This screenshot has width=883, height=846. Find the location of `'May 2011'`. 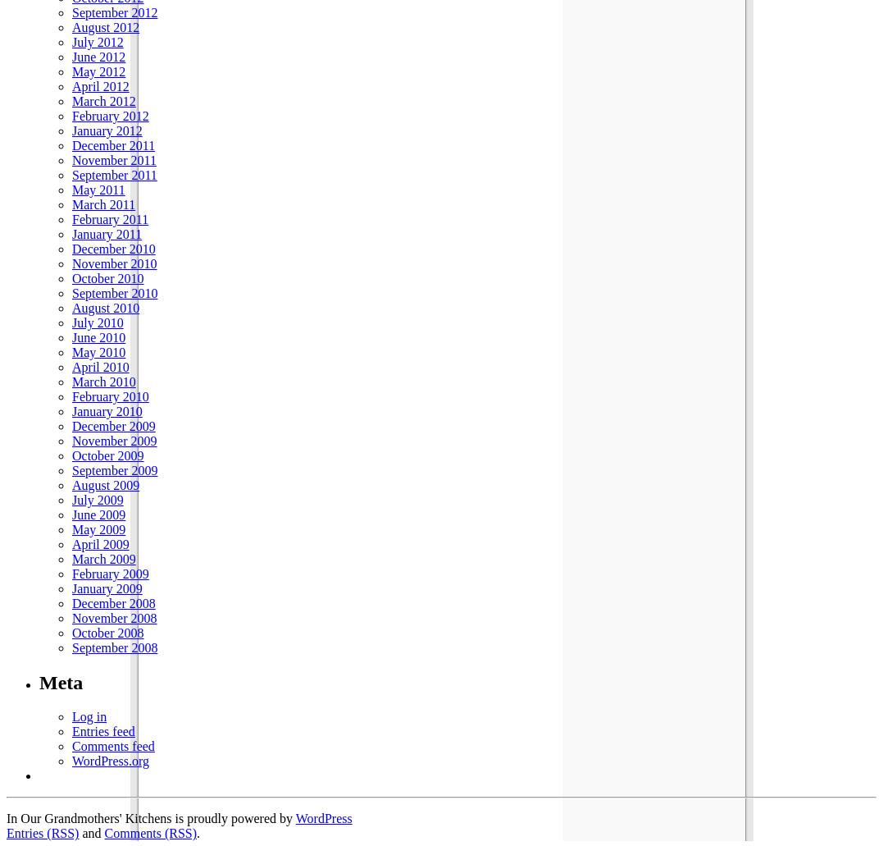

'May 2011' is located at coordinates (97, 189).